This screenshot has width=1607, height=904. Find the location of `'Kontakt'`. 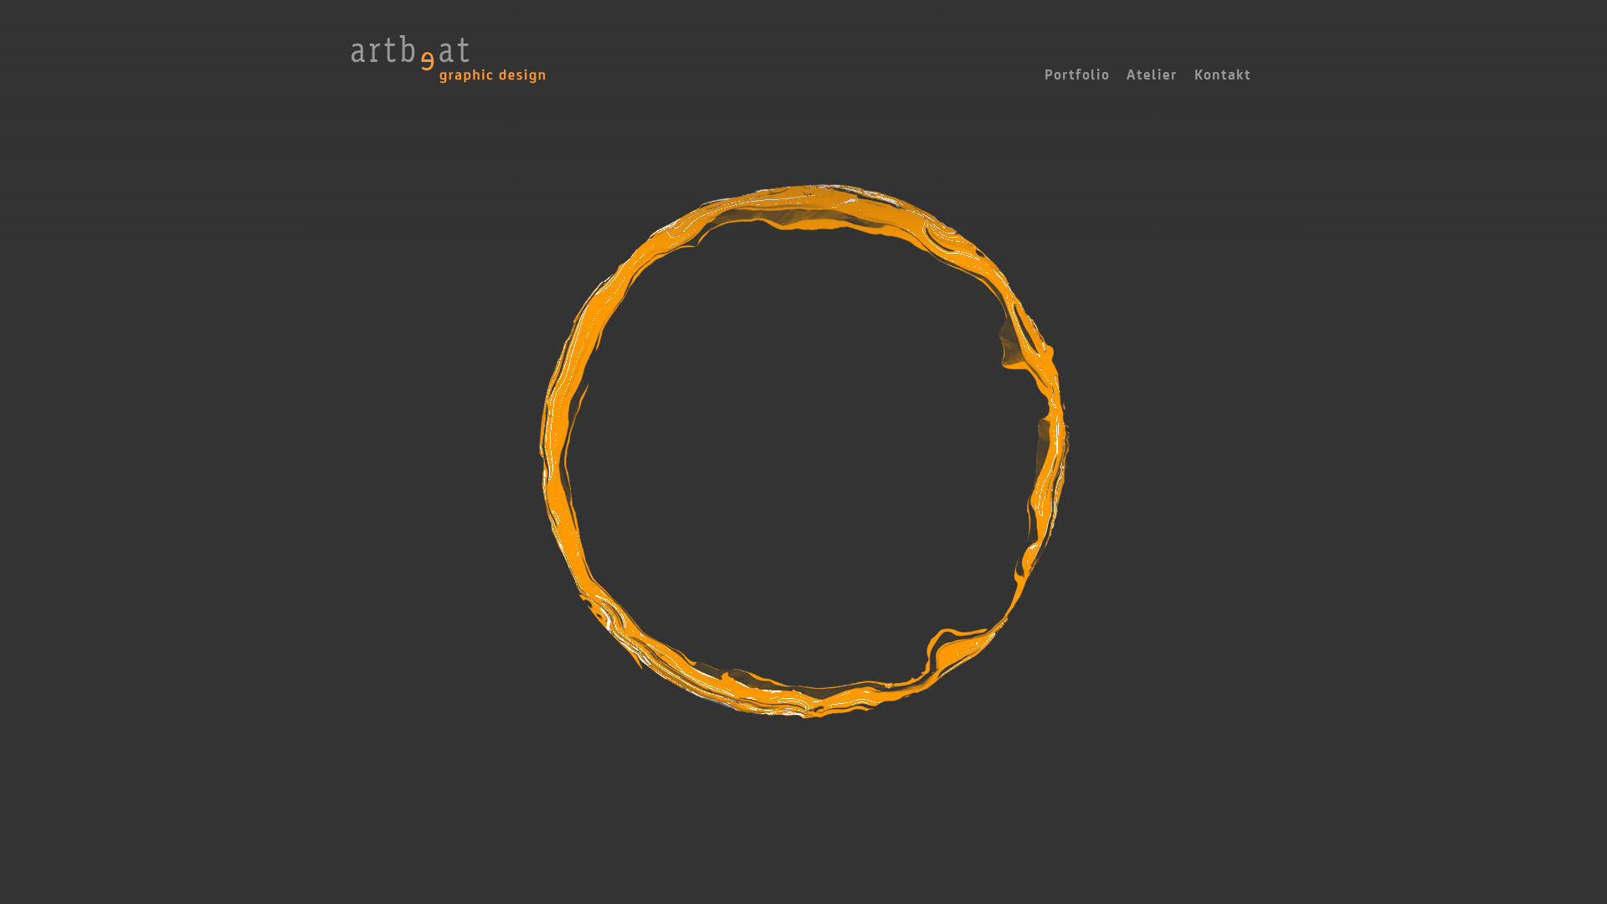

'Kontakt' is located at coordinates (1222, 74).